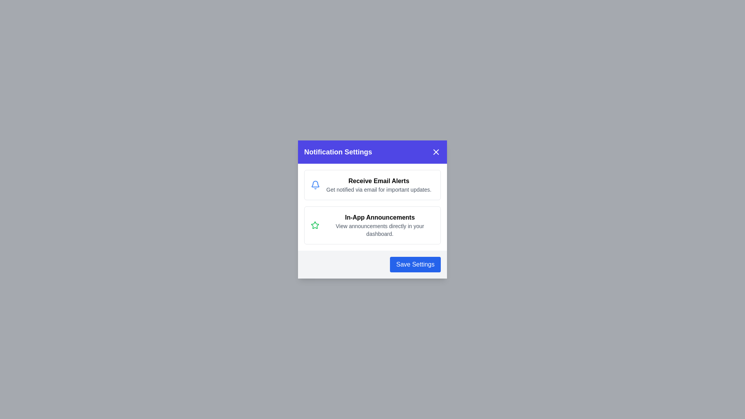 The width and height of the screenshot is (745, 419). Describe the element at coordinates (436, 152) in the screenshot. I see `the close button in the top-right corner of the dialog` at that location.